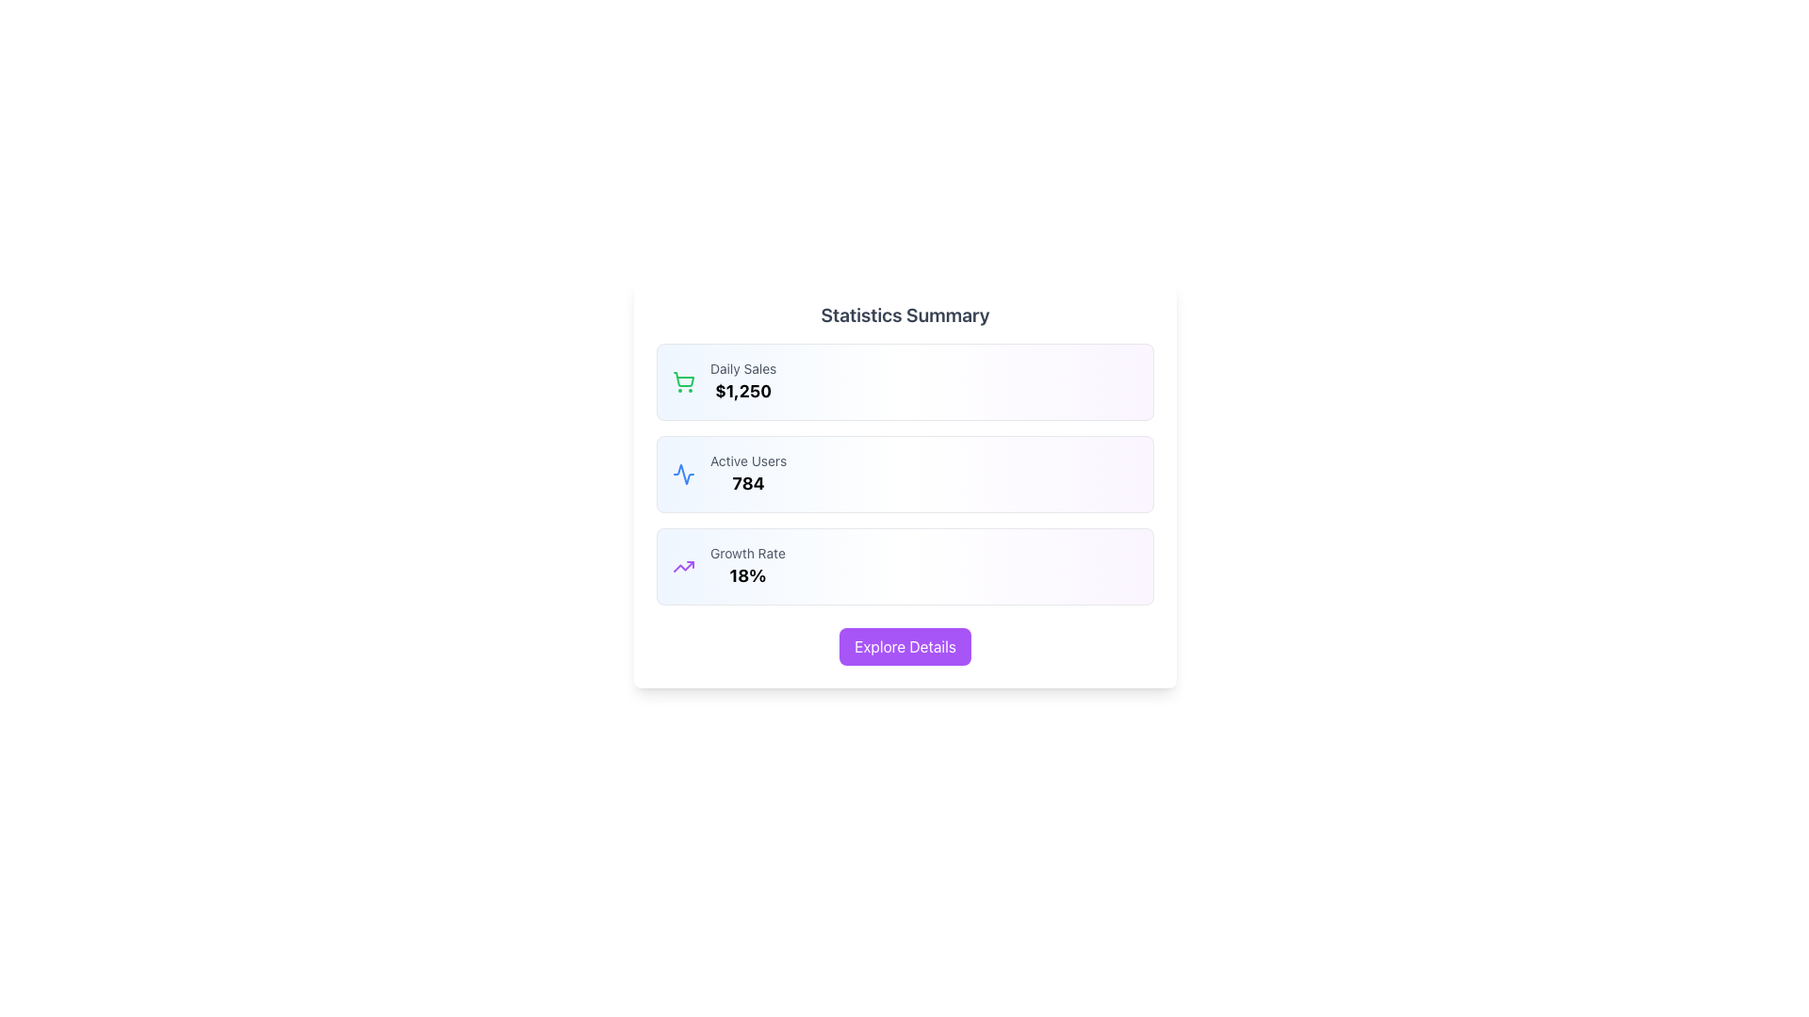  I want to click on the upward trending purple arrow icon located in the 'Growth Rate 18%' section, which is the leftmost component within that section, so click(682, 565).